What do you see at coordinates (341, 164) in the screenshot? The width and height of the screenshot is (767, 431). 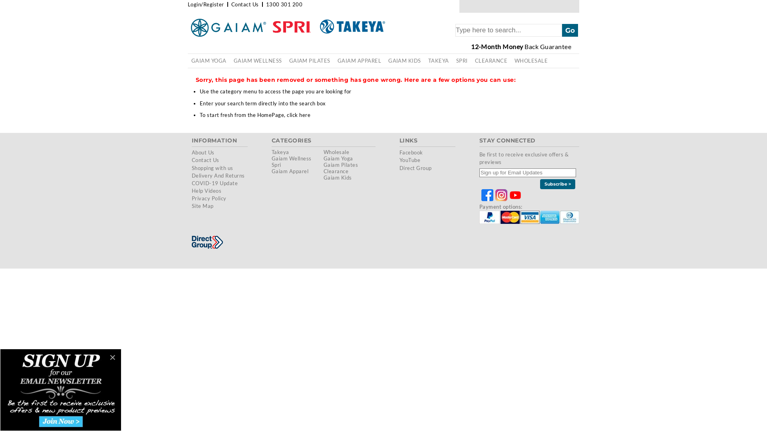 I see `'Gaiam Pilates'` at bounding box center [341, 164].